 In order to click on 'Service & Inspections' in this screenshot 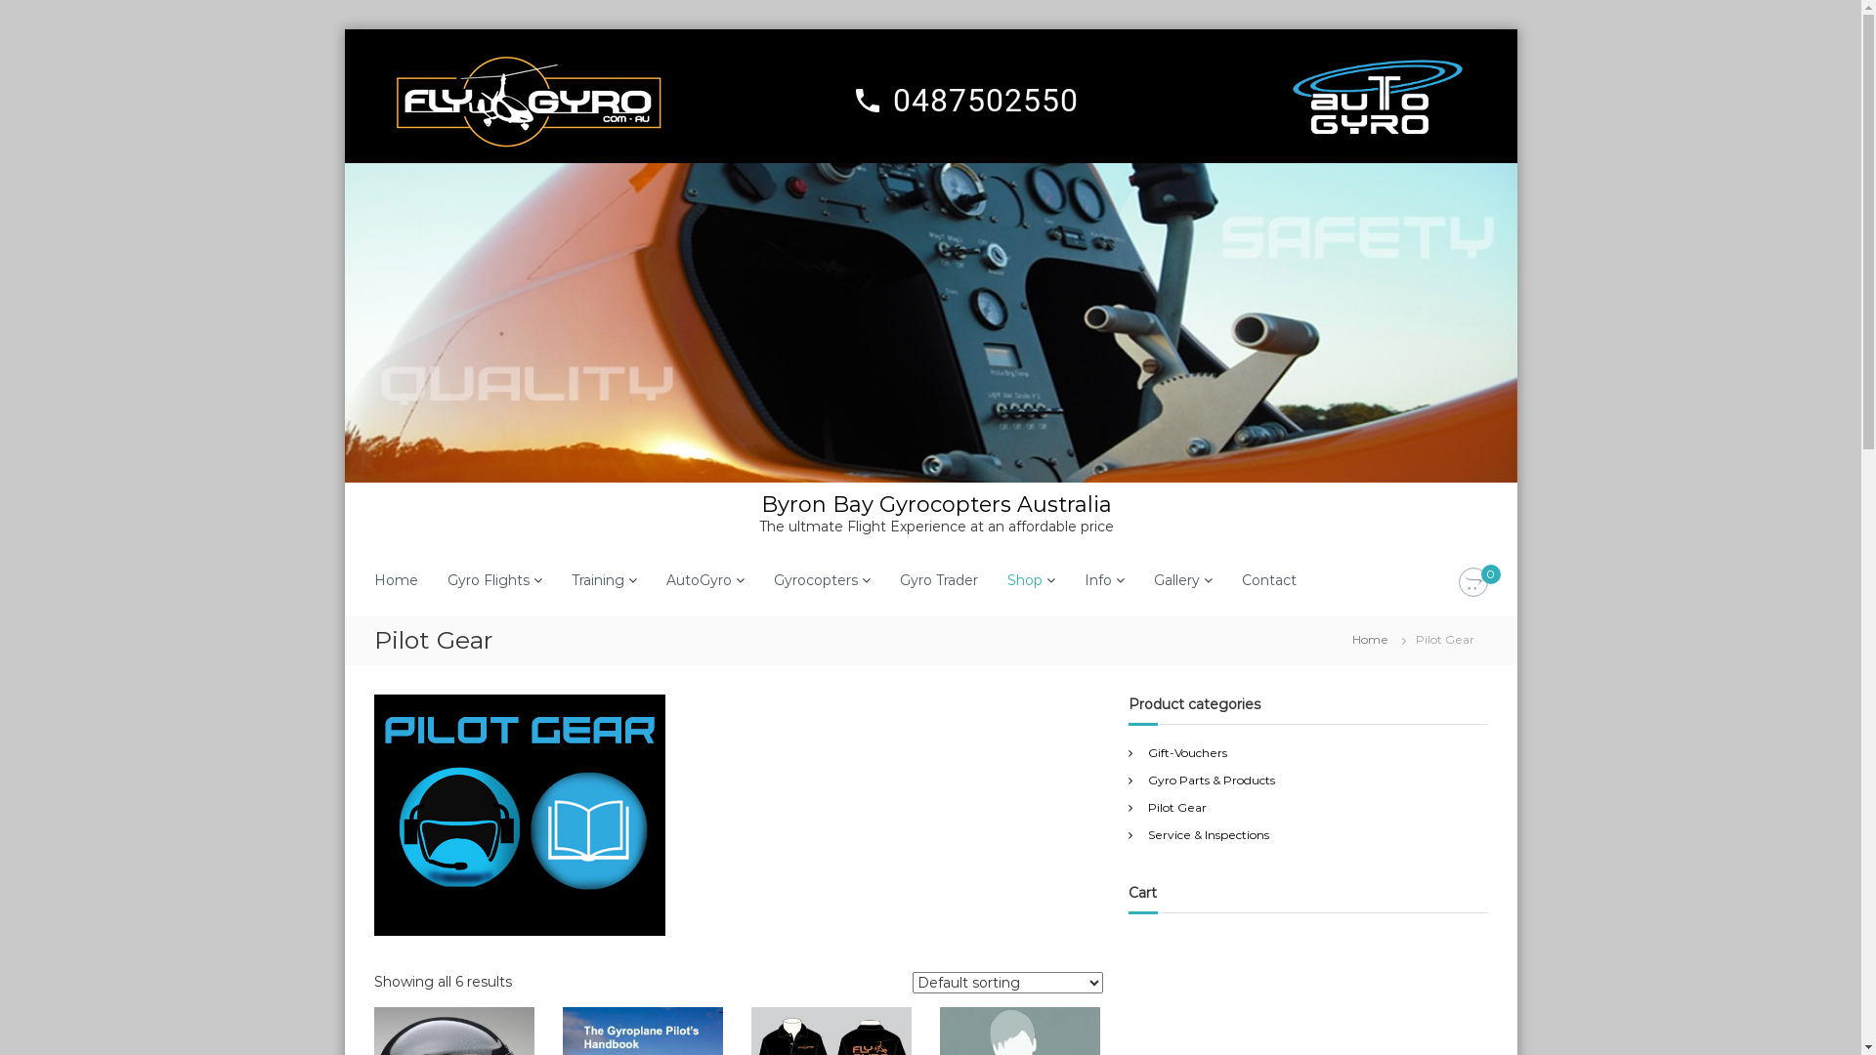, I will do `click(1208, 833)`.